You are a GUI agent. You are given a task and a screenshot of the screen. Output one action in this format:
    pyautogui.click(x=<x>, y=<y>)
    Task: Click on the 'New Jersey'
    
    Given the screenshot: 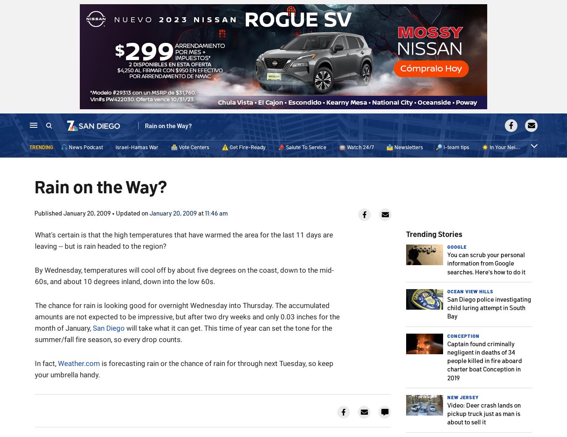 What is the action you would take?
    pyautogui.click(x=463, y=397)
    